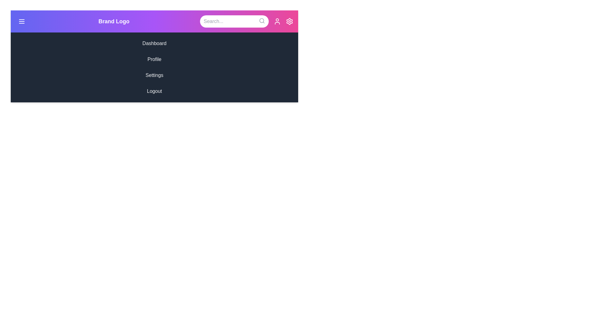 This screenshot has height=331, width=589. What do you see at coordinates (22, 21) in the screenshot?
I see `the menu button to toggle the sidebar visibility` at bounding box center [22, 21].